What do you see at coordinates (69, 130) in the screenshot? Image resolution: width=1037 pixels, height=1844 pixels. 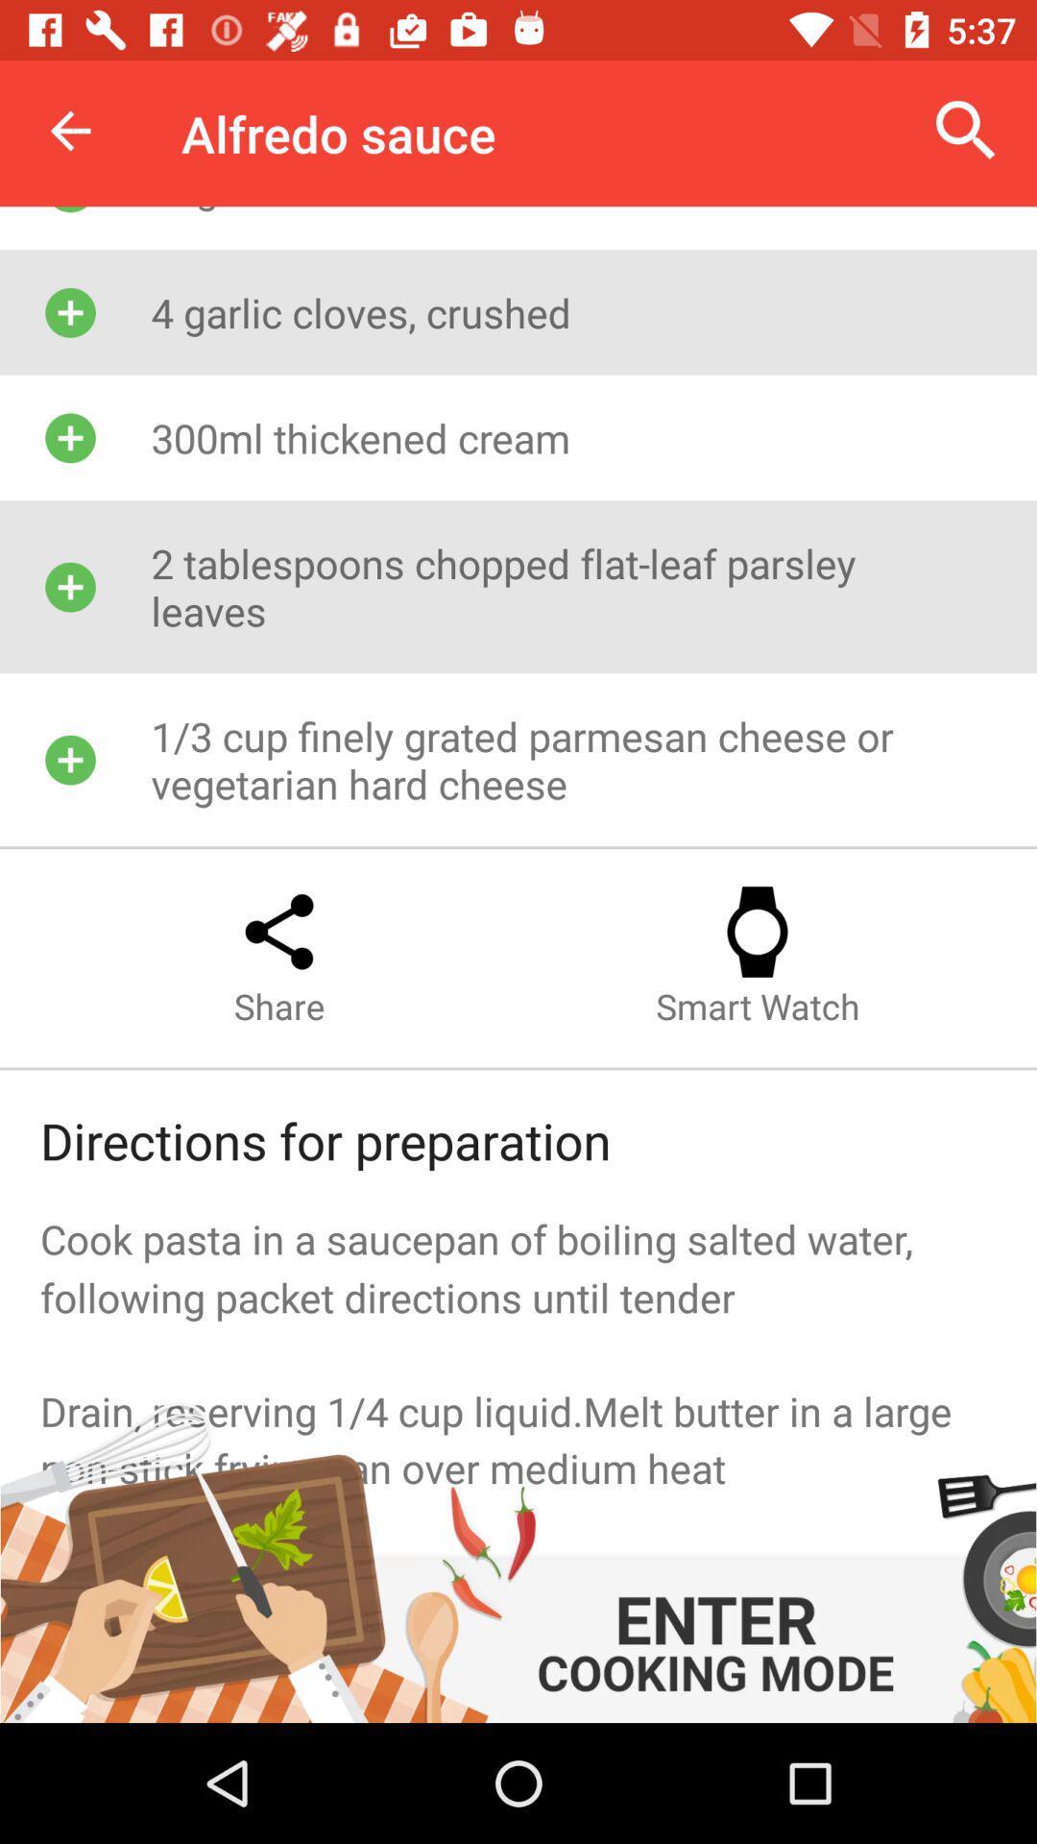 I see `item above 25g butter item` at bounding box center [69, 130].